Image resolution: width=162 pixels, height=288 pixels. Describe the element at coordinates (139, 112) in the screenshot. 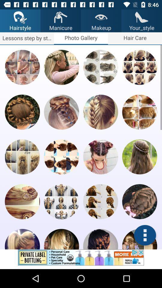

I see `open image` at that location.